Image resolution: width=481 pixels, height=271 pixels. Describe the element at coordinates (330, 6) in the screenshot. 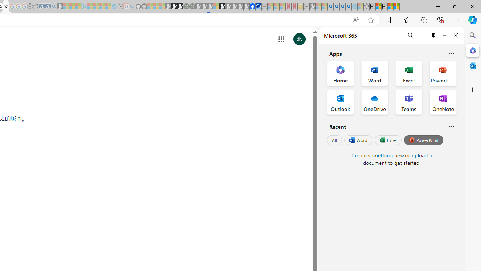

I see `'Bing AI - Search'` at that location.